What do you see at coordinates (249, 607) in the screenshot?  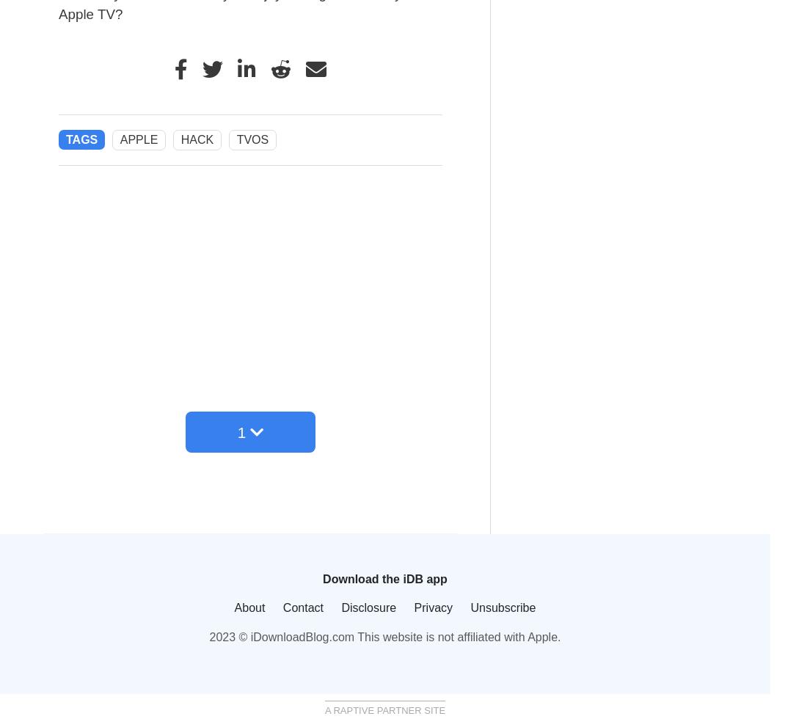 I see `'About'` at bounding box center [249, 607].